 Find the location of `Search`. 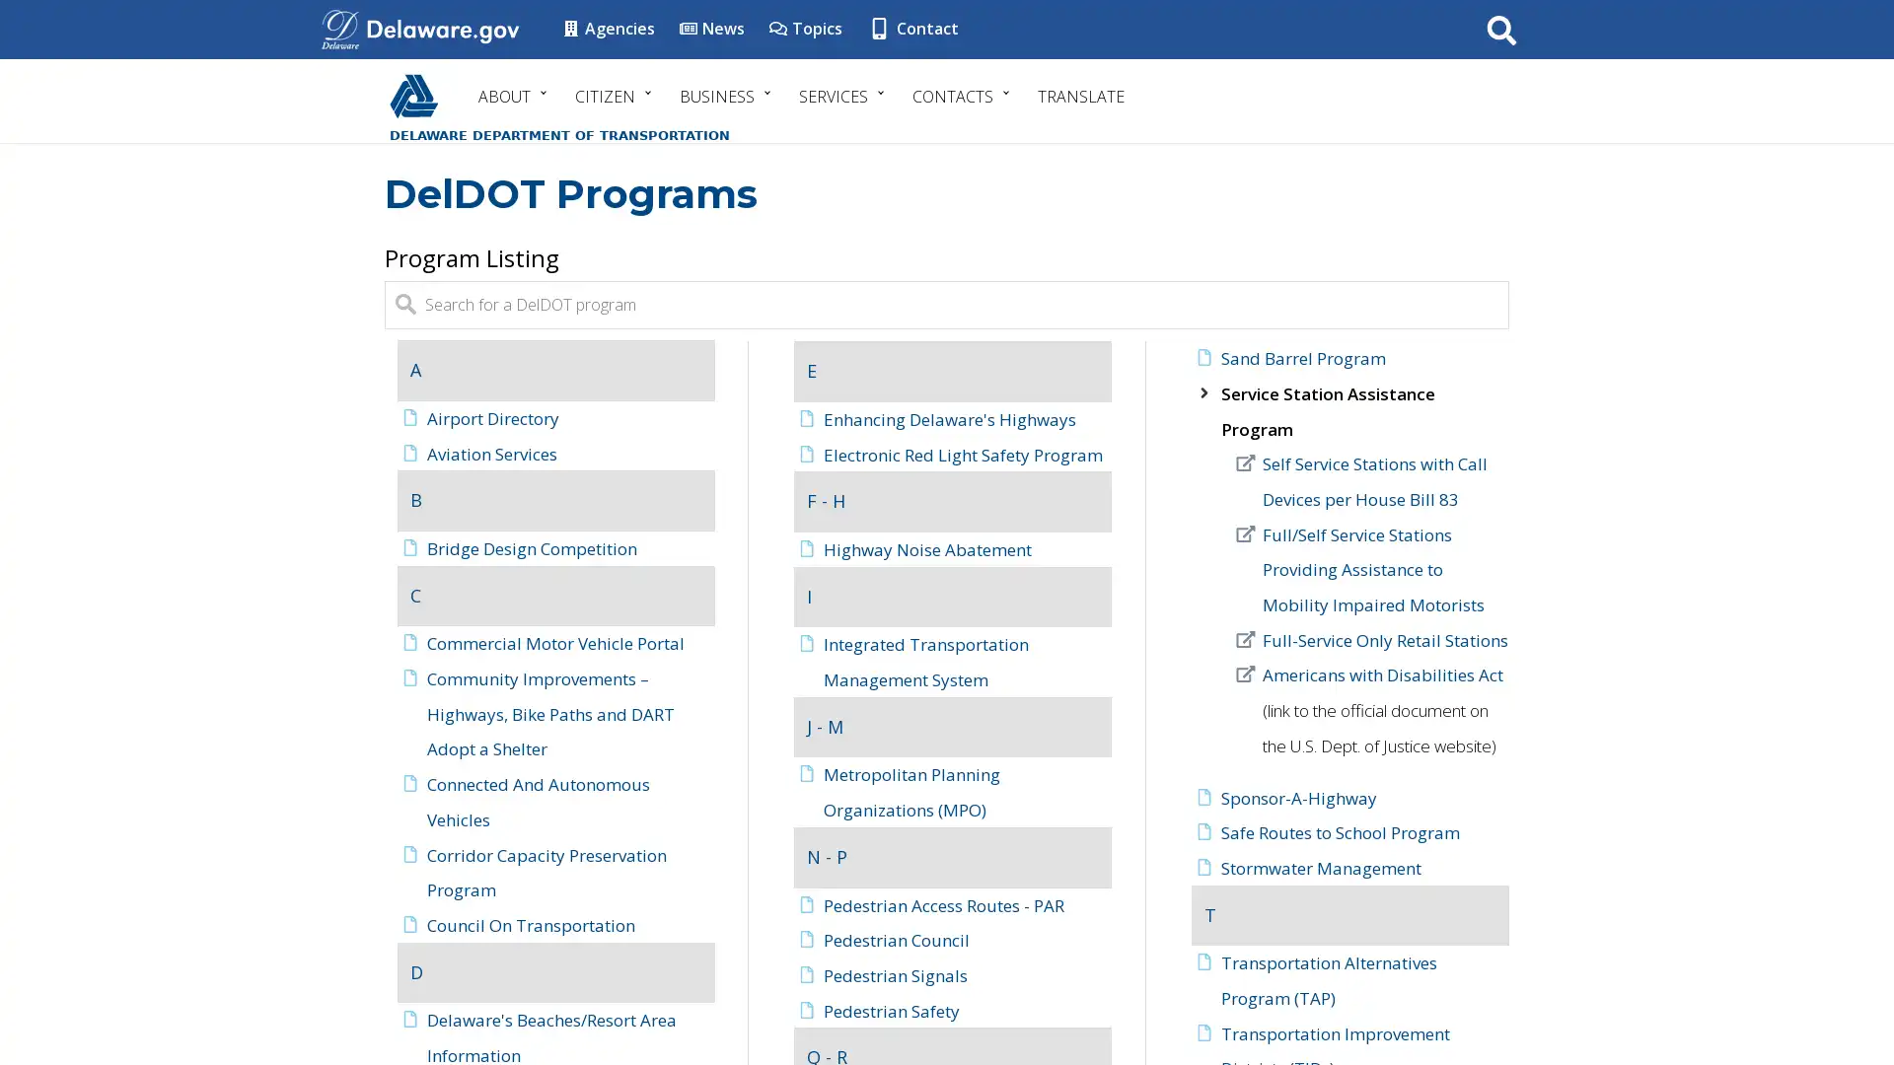

Search is located at coordinates (1500, 29).